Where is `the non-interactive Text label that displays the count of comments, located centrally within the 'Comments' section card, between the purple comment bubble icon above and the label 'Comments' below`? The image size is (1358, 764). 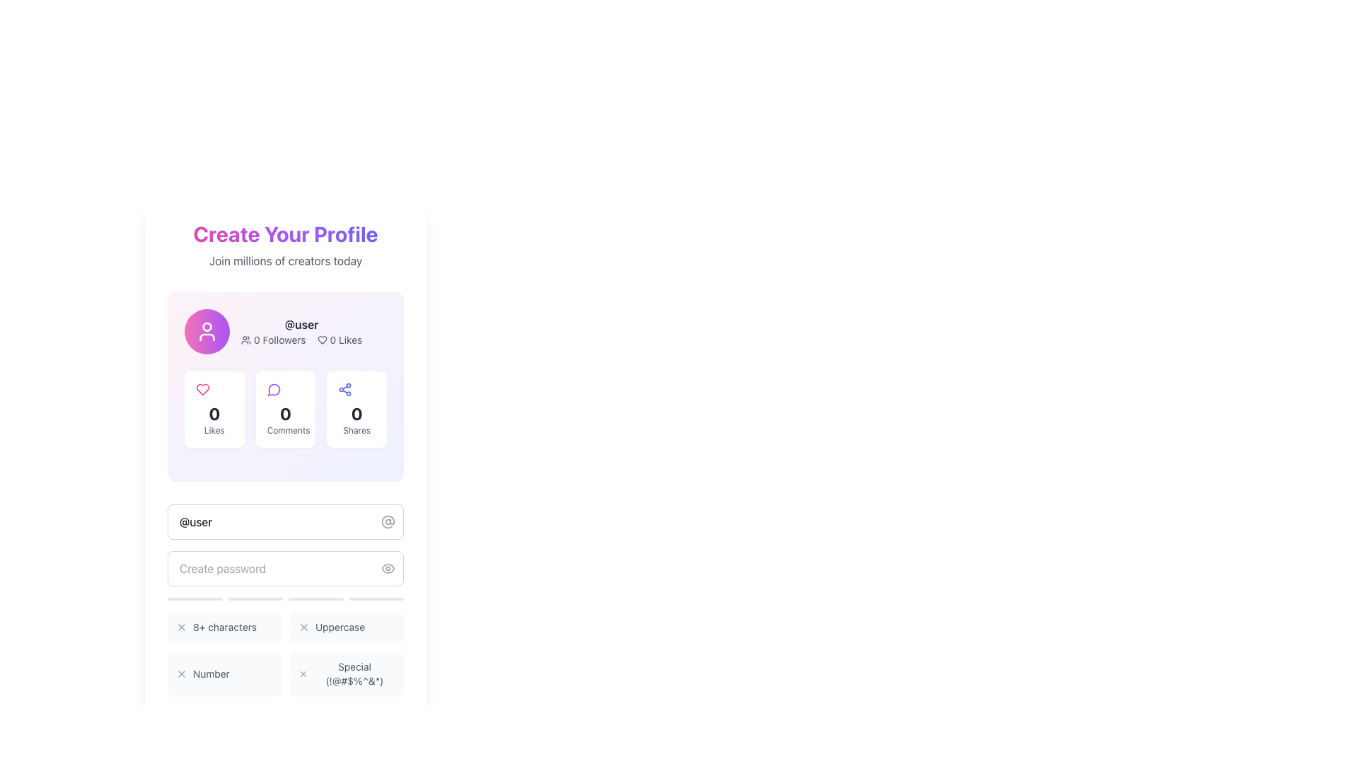
the non-interactive Text label that displays the count of comments, located centrally within the 'Comments' section card, between the purple comment bubble icon above and the label 'Comments' below is located at coordinates (284, 414).